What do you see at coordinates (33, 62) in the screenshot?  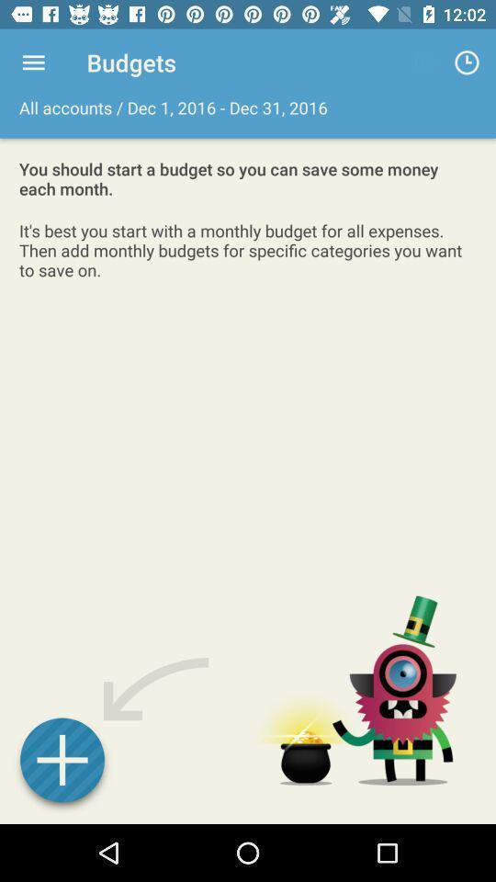 I see `the app above the all accounts dec item` at bounding box center [33, 62].